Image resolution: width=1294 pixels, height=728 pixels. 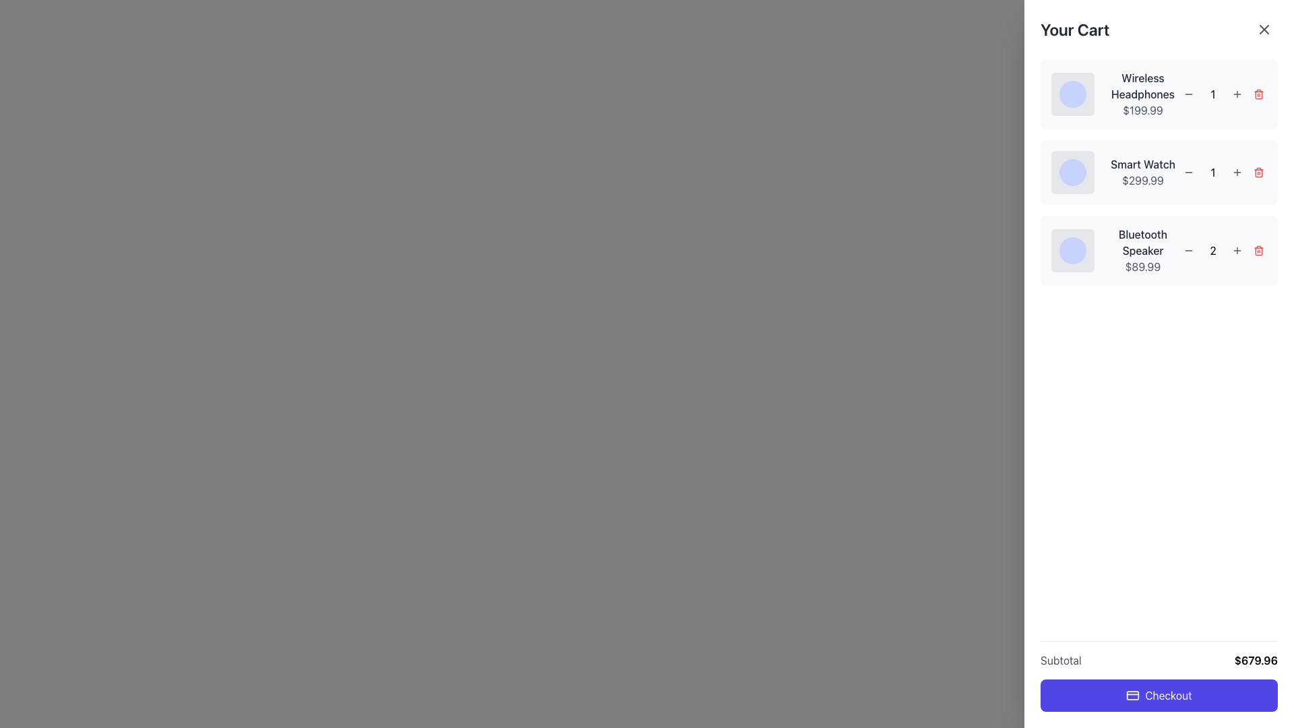 I want to click on the Text label displaying the price of the product 'Wireless Headphones' in the right-side cart panel, located under the corresponding product name, so click(x=1142, y=110).